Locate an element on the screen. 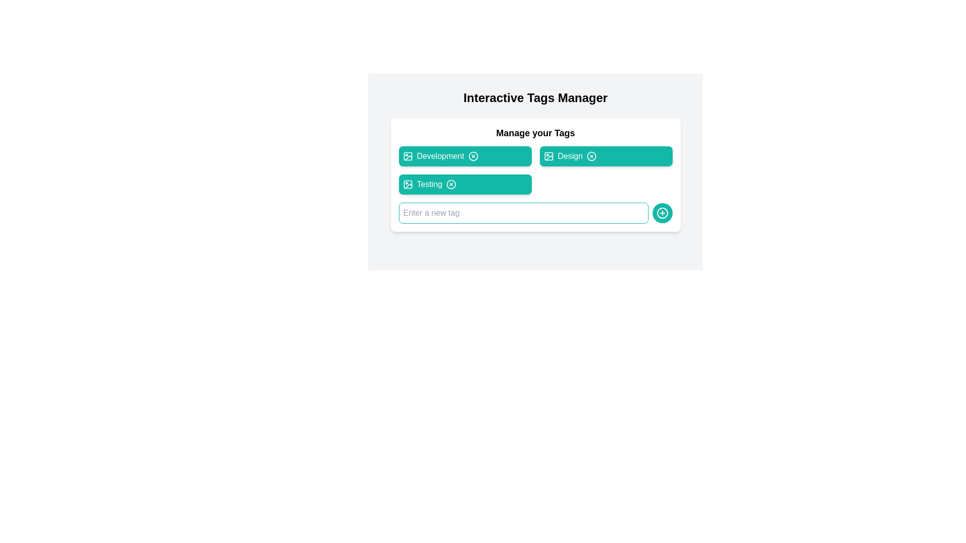  the circular Close/Delete Button with a centered cross mark (×) is located at coordinates (451, 184).